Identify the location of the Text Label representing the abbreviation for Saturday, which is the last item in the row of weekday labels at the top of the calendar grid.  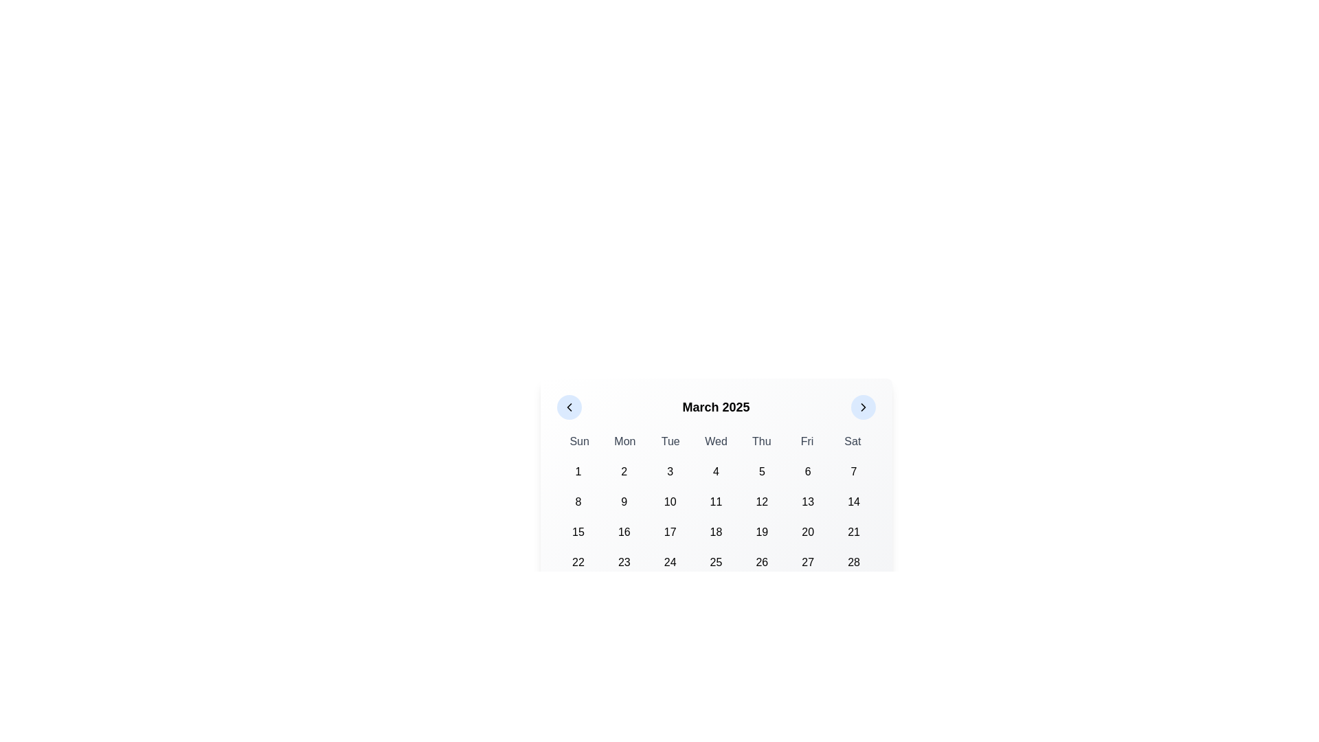
(852, 442).